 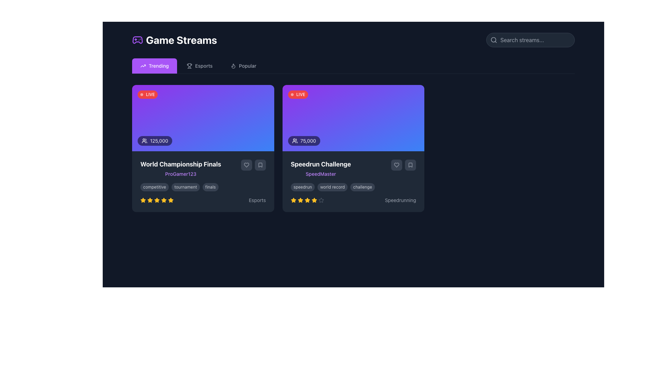 I want to click on text label that displays 'Speedrunning' in gray color located at the bottom-right of the 'Speedrun Challenge' card, so click(x=353, y=200).